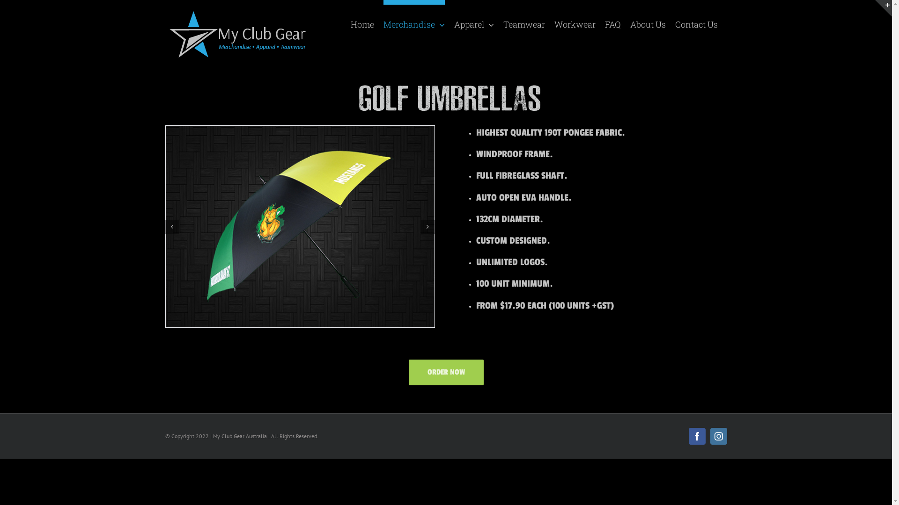  What do you see at coordinates (675, 21) in the screenshot?
I see `'Contact Us'` at bounding box center [675, 21].